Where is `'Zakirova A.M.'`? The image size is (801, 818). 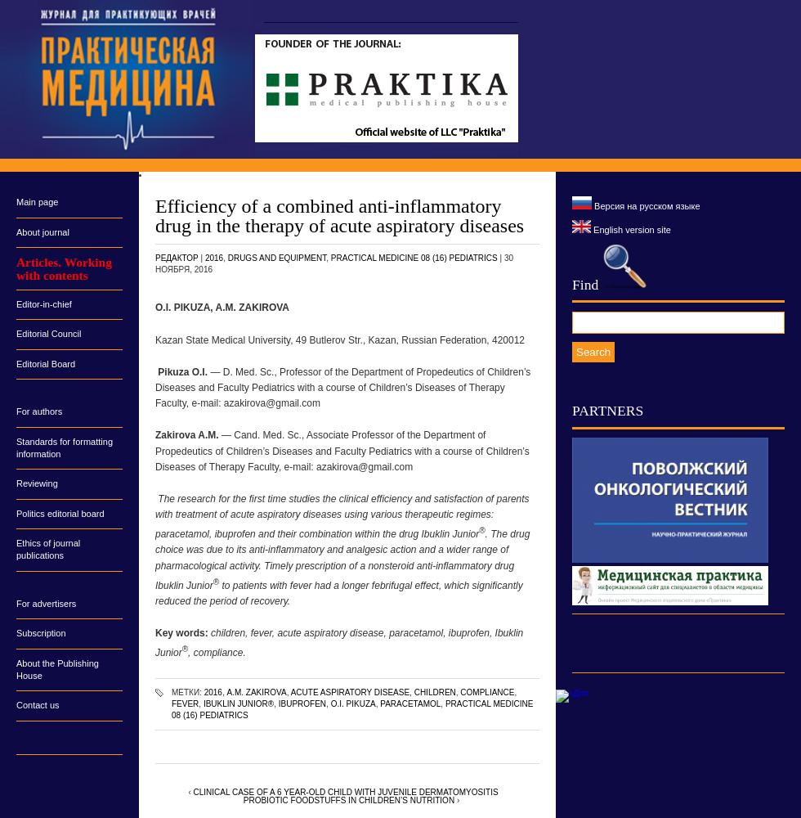
'Zakirova A.M.' is located at coordinates (186, 435).